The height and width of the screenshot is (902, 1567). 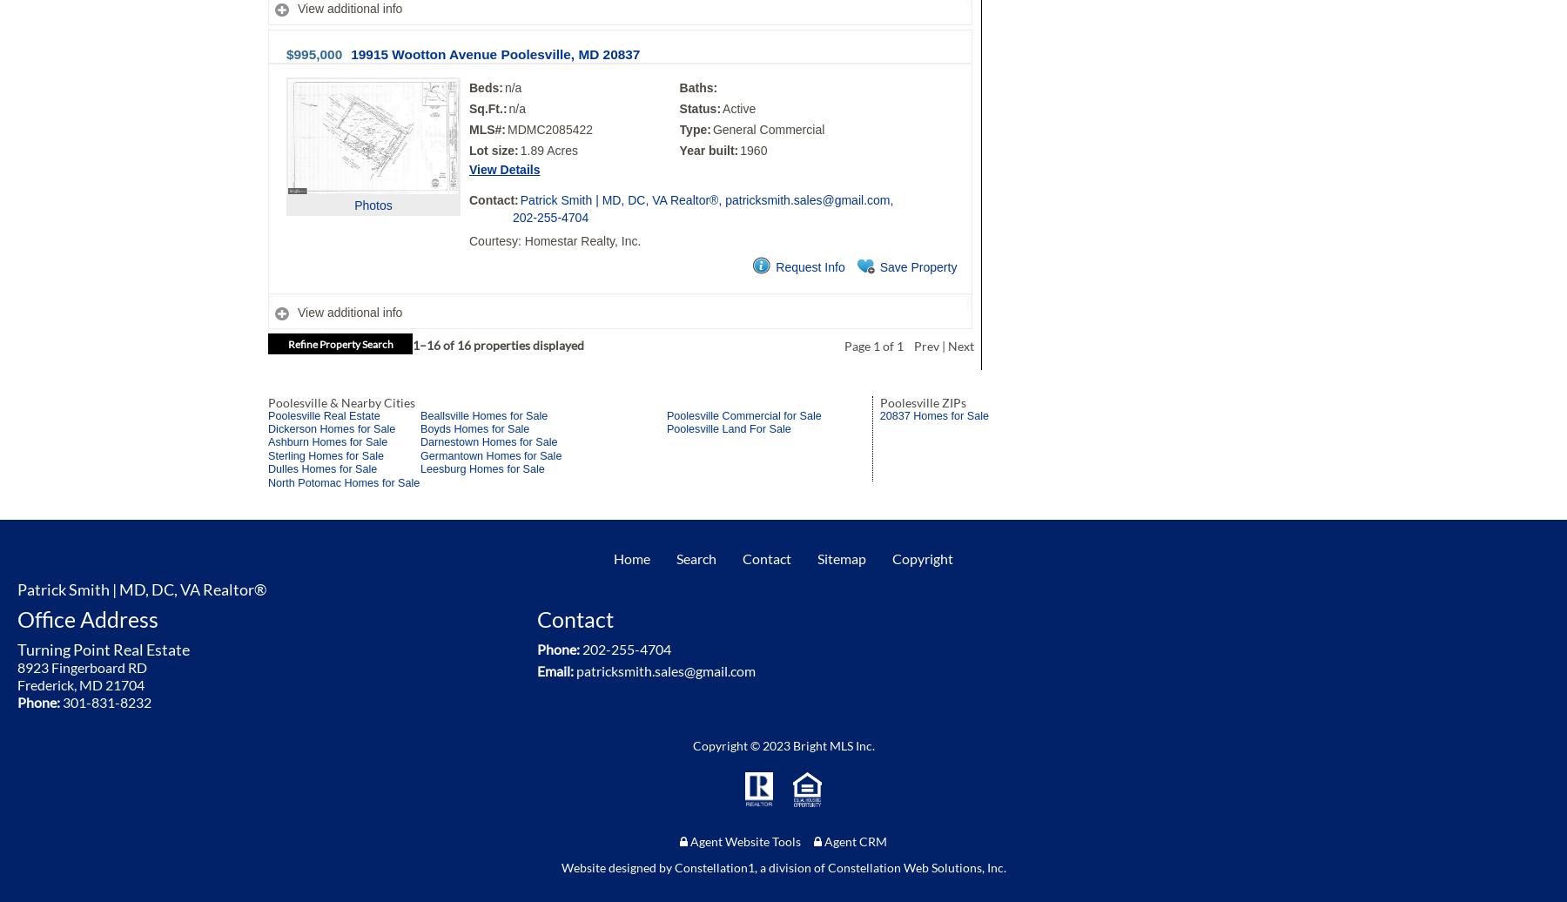 I want to click on '1960', so click(x=753, y=149).